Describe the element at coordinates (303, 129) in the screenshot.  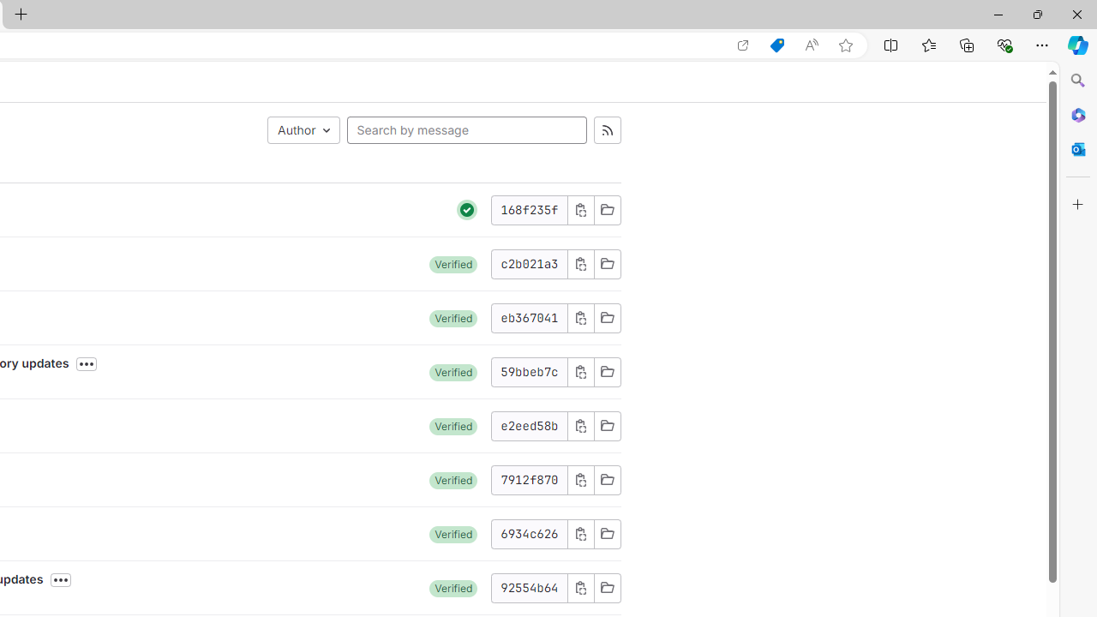
I see `'Author'` at that location.